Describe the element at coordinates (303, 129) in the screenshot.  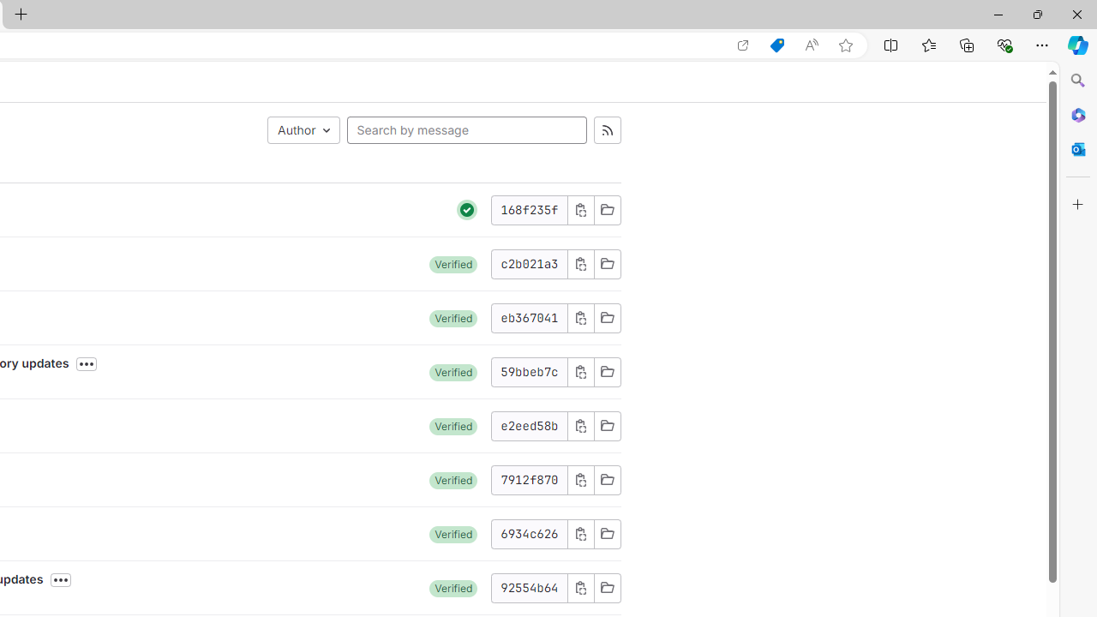
I see `'Author'` at that location.